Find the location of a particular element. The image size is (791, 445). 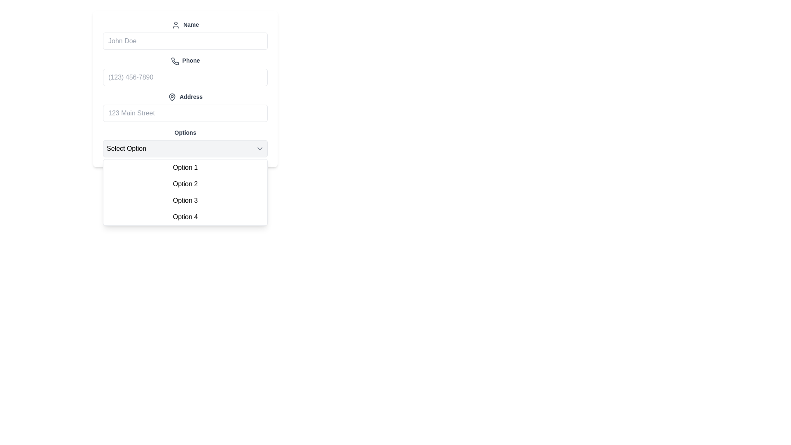

the label element displaying 'Options', which is styled in bold and located above the dropdown menu labeled 'Select Option' is located at coordinates (185, 131).